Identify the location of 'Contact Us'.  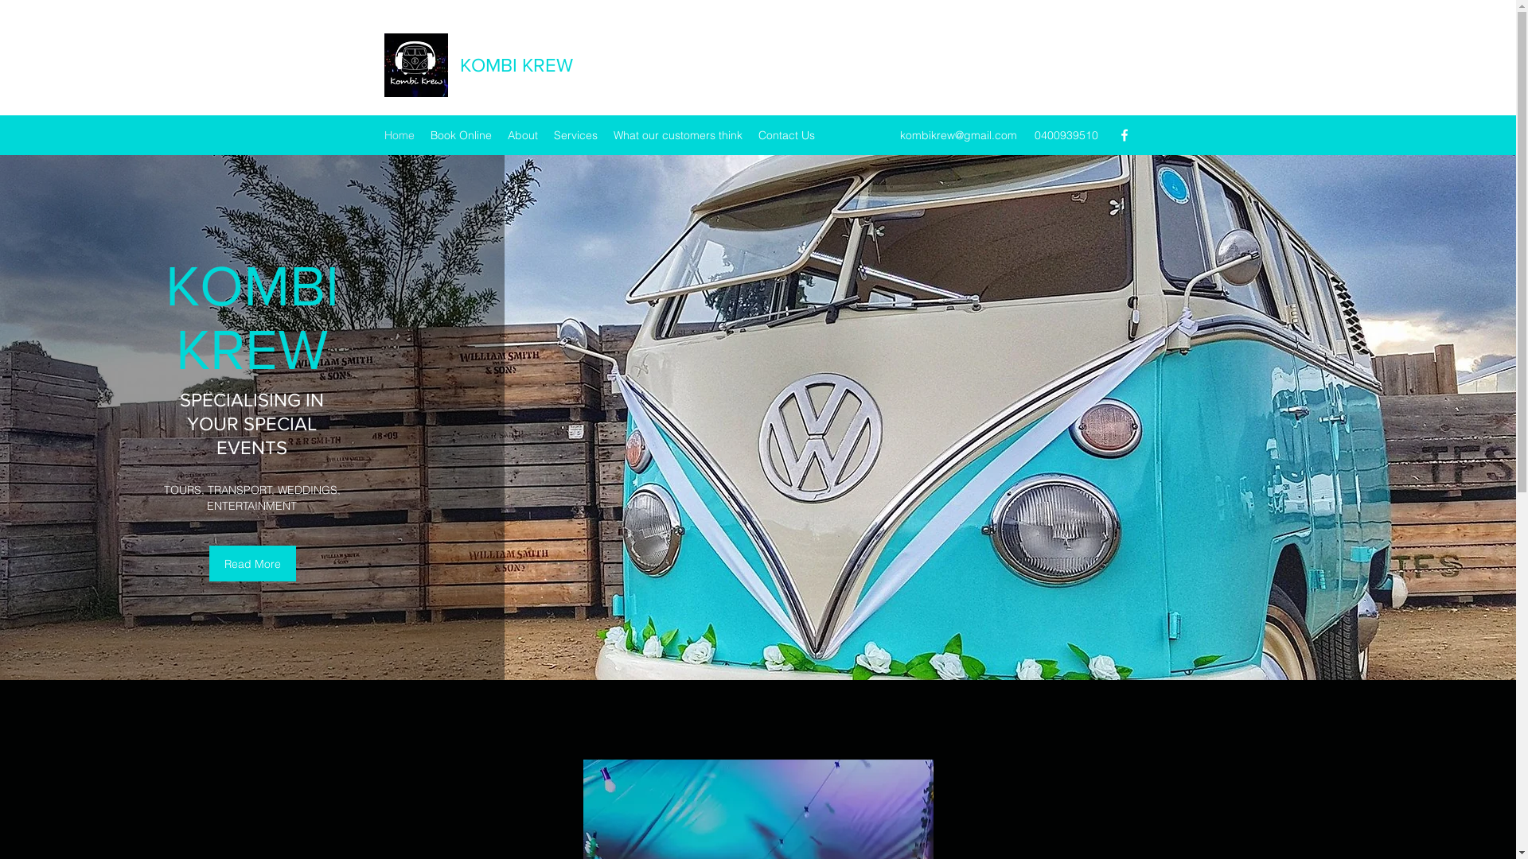
(785, 134).